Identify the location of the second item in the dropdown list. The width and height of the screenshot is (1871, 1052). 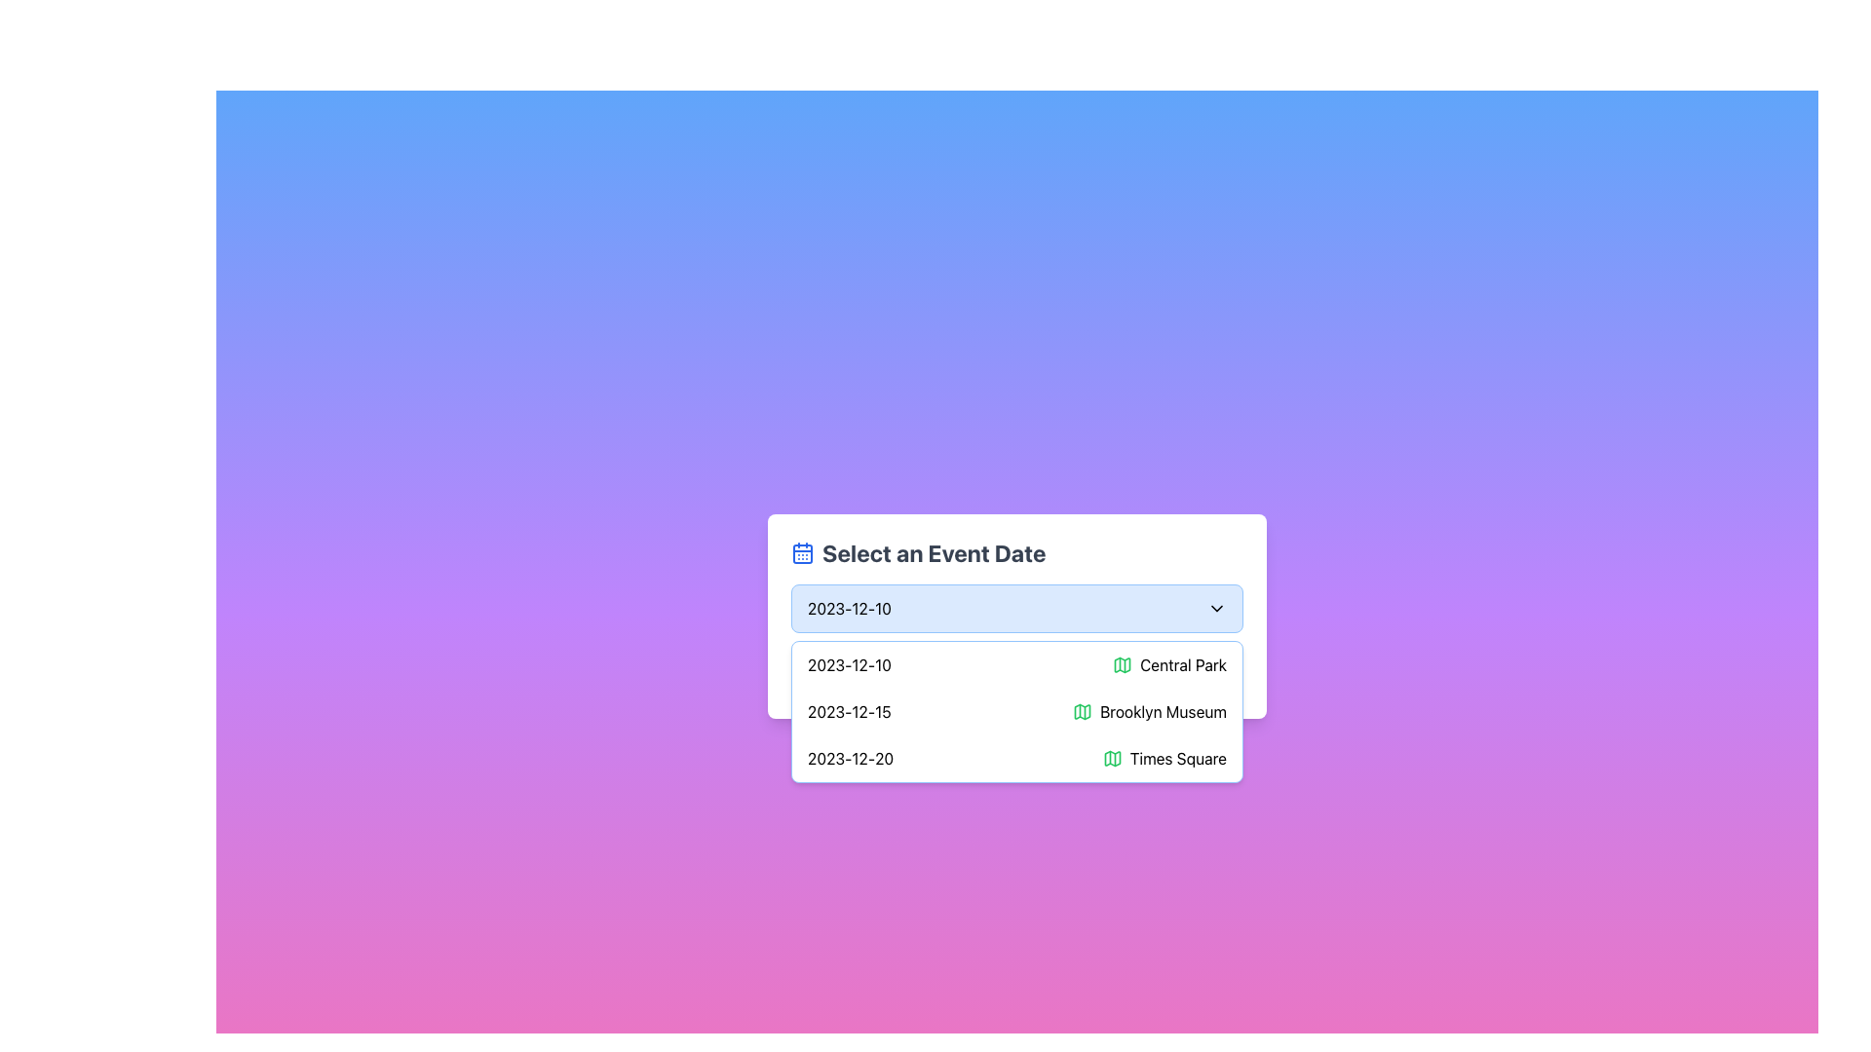
(1015, 712).